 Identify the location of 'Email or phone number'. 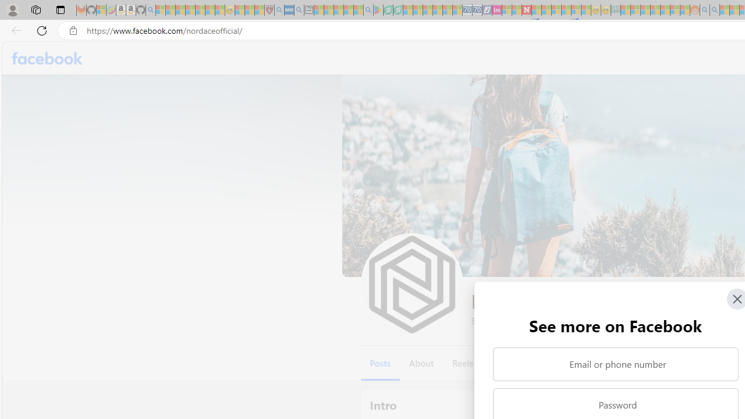
(615, 364).